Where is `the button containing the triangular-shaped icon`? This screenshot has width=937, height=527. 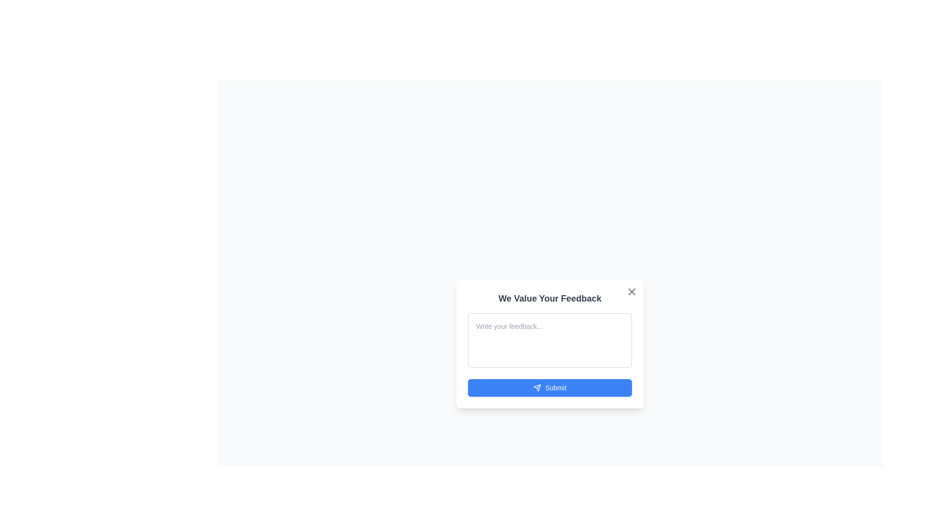
the button containing the triangular-shaped icon is located at coordinates (537, 387).